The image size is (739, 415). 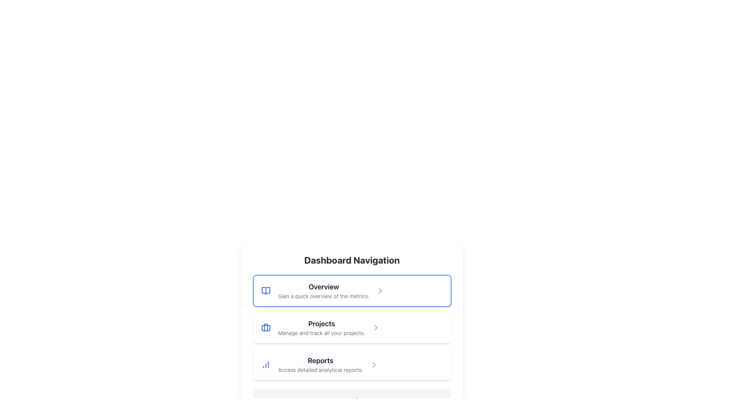 What do you see at coordinates (324, 296) in the screenshot?
I see `the descriptive subtitle text label located beneath the 'Overview' title in the navigation list` at bounding box center [324, 296].